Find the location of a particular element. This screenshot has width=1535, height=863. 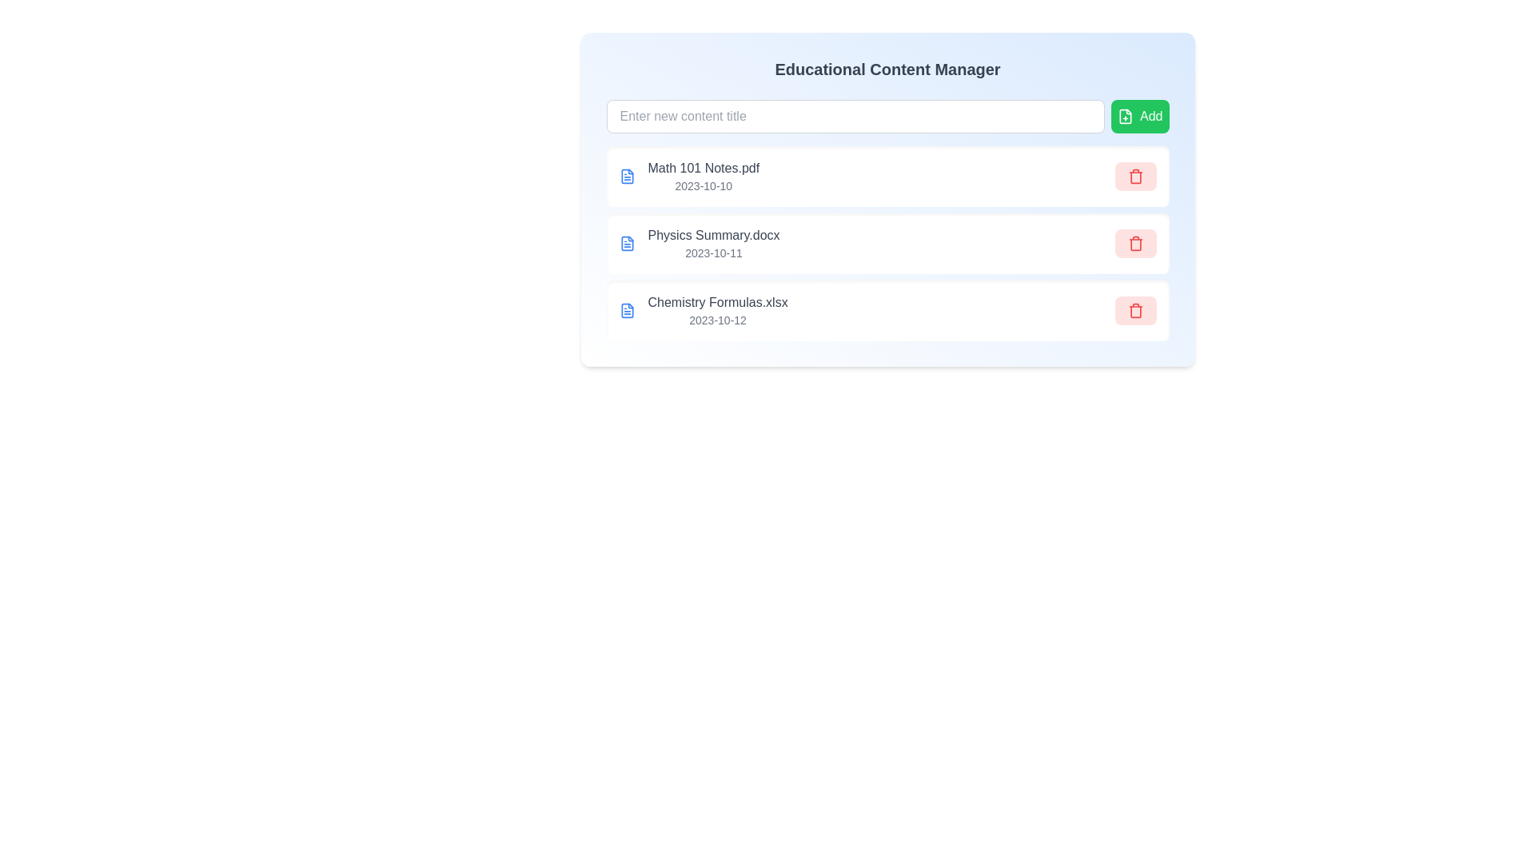

the red rounded delete button with a trashcan icon located at the far right of the third row is located at coordinates (1134, 311).